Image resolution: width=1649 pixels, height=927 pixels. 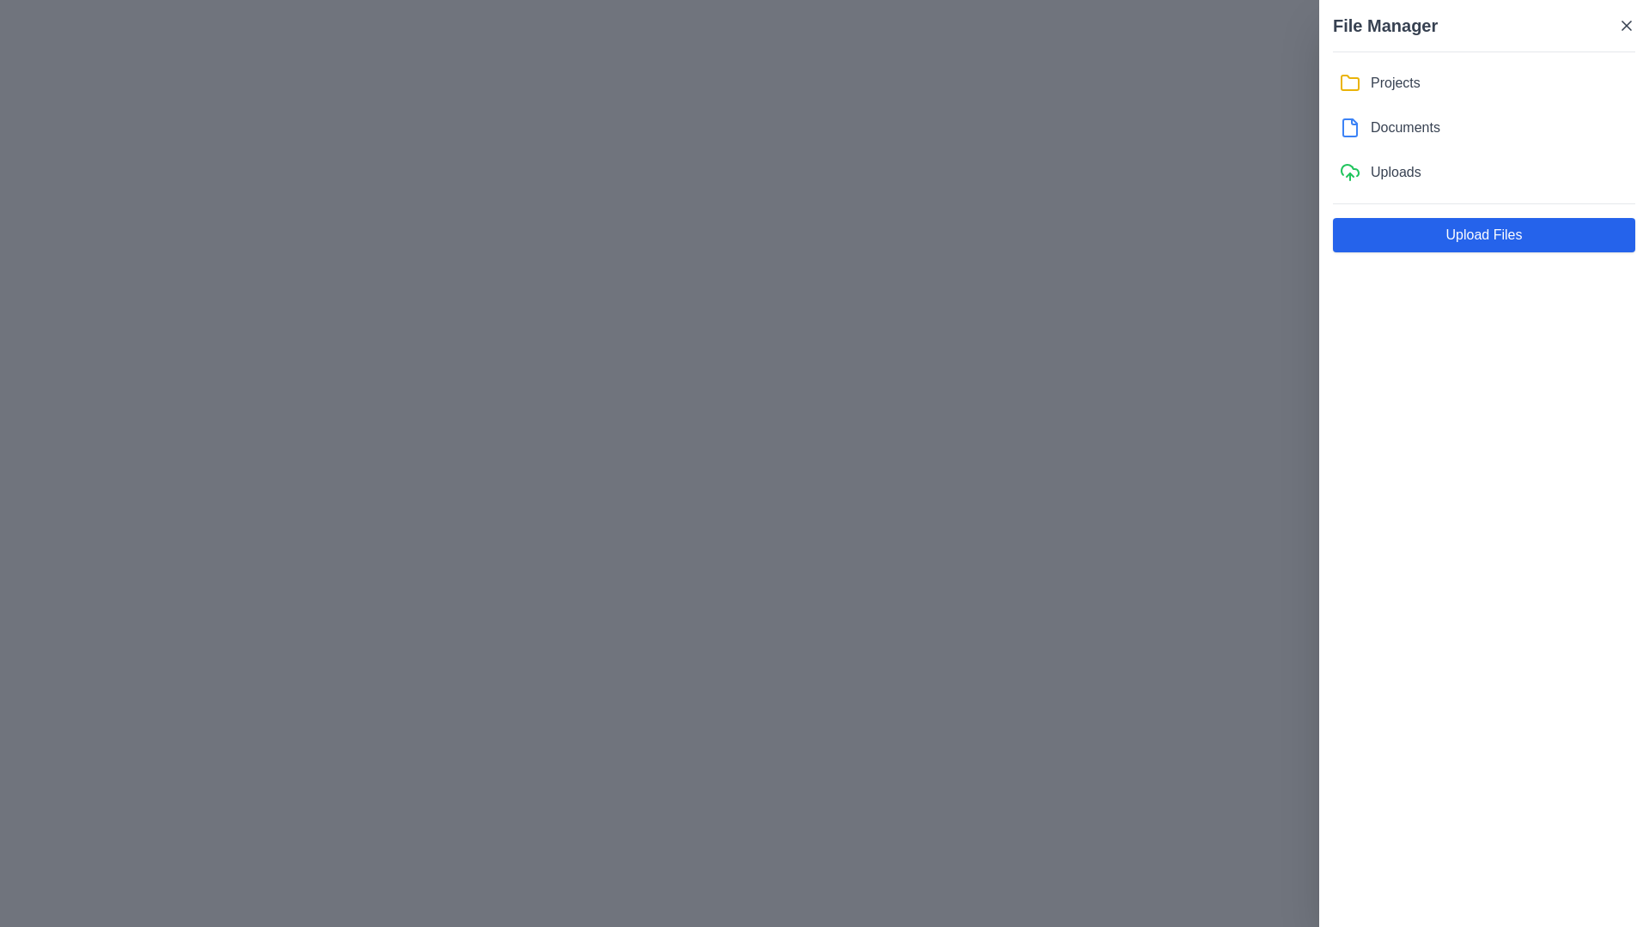 I want to click on the folder icon representing the 'Projects' section located at the far left of the layout adjacent to the text 'Projects', so click(x=1348, y=82).